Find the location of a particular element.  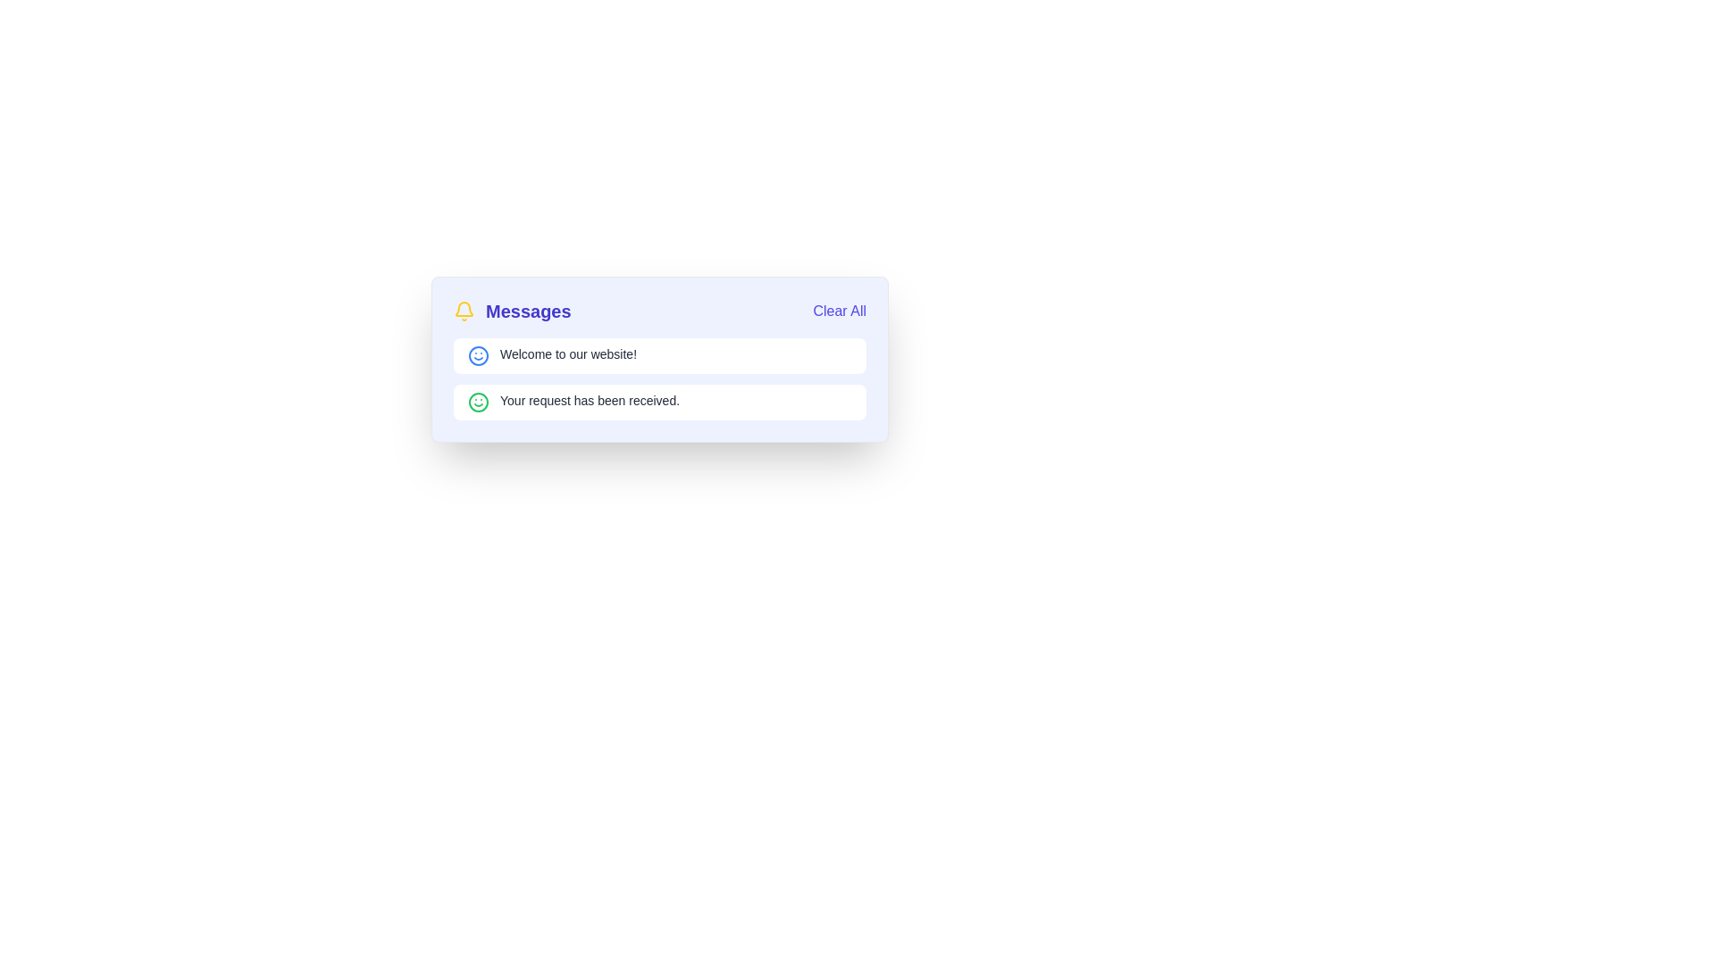

the bell icon located in the top-left corner of the 'Messages' dialog box is located at coordinates (464, 308).